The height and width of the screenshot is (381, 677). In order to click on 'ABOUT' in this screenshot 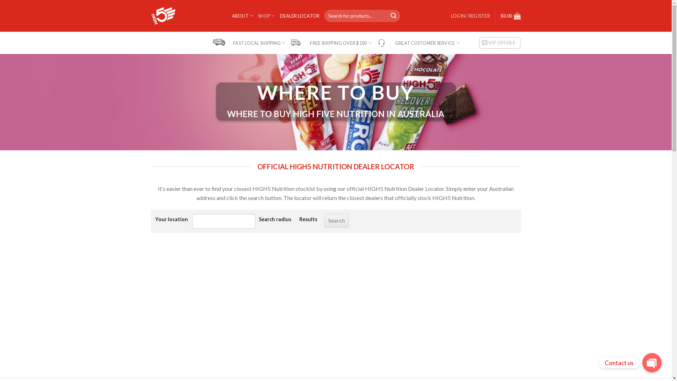, I will do `click(243, 16)`.